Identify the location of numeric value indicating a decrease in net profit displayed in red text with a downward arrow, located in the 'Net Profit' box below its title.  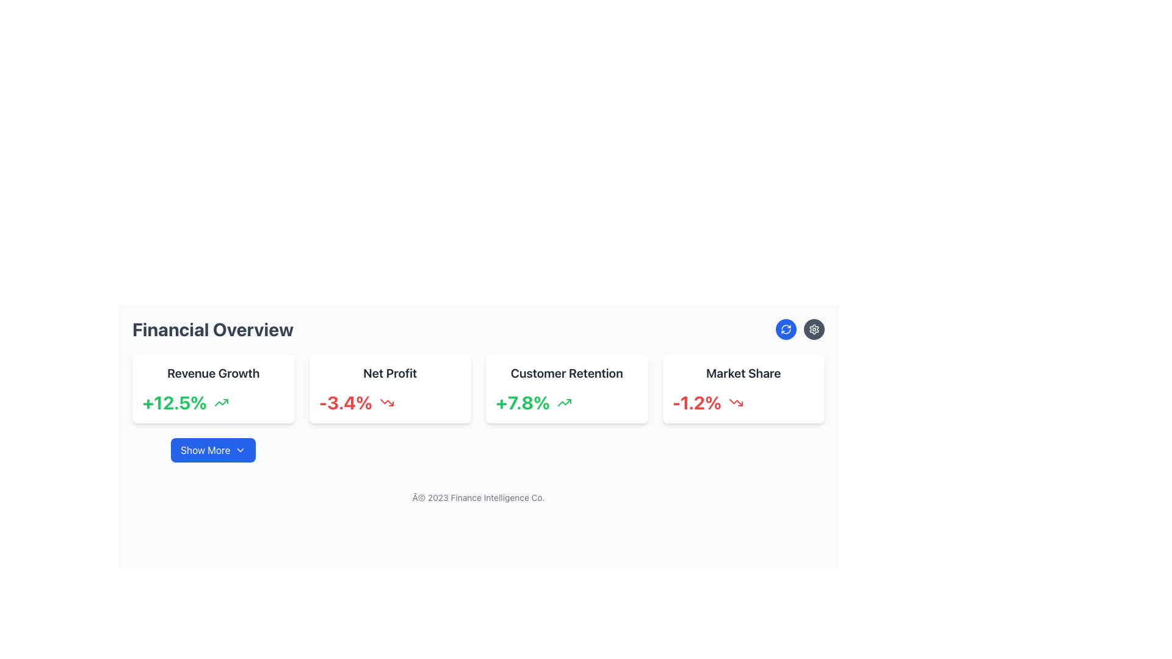
(389, 402).